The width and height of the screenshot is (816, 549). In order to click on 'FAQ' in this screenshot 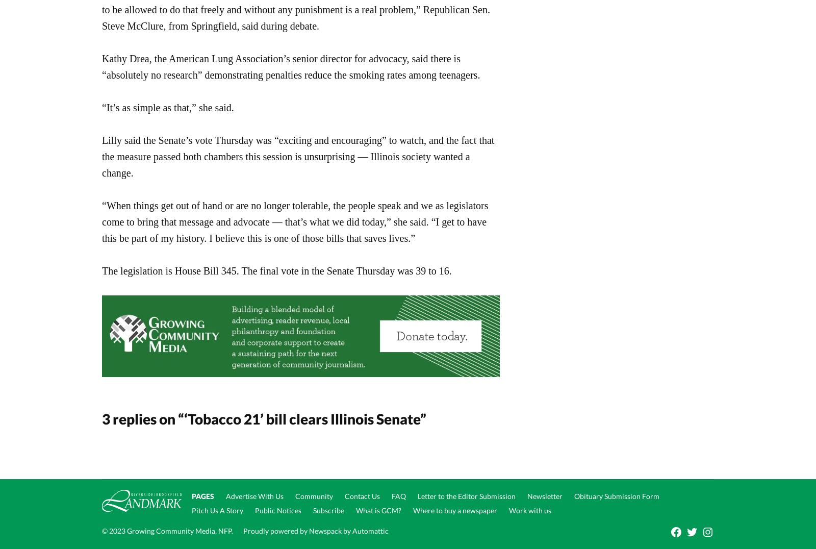, I will do `click(391, 496)`.